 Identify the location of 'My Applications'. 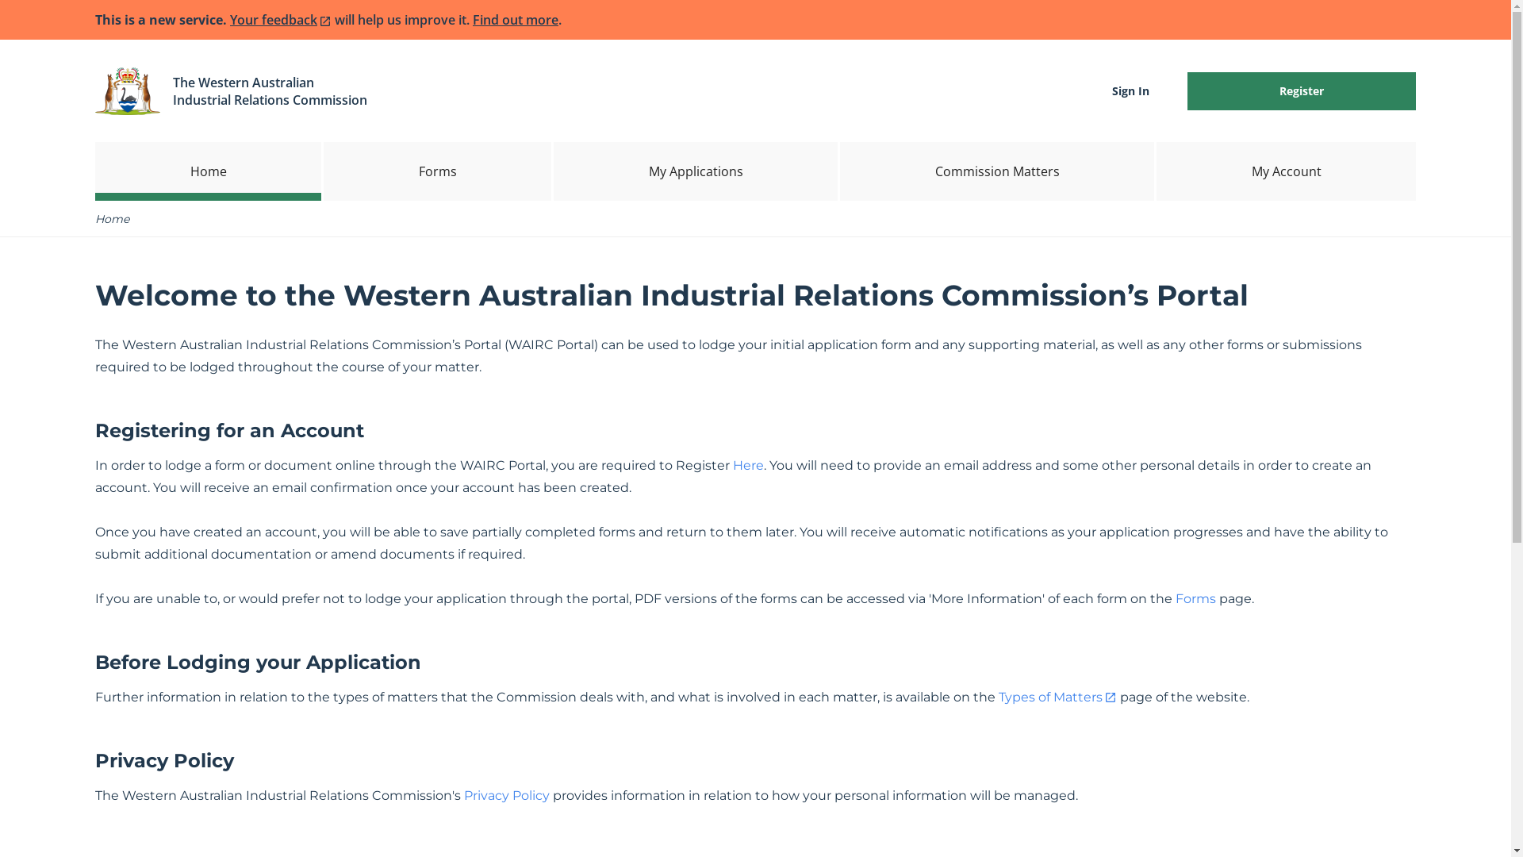
(696, 171).